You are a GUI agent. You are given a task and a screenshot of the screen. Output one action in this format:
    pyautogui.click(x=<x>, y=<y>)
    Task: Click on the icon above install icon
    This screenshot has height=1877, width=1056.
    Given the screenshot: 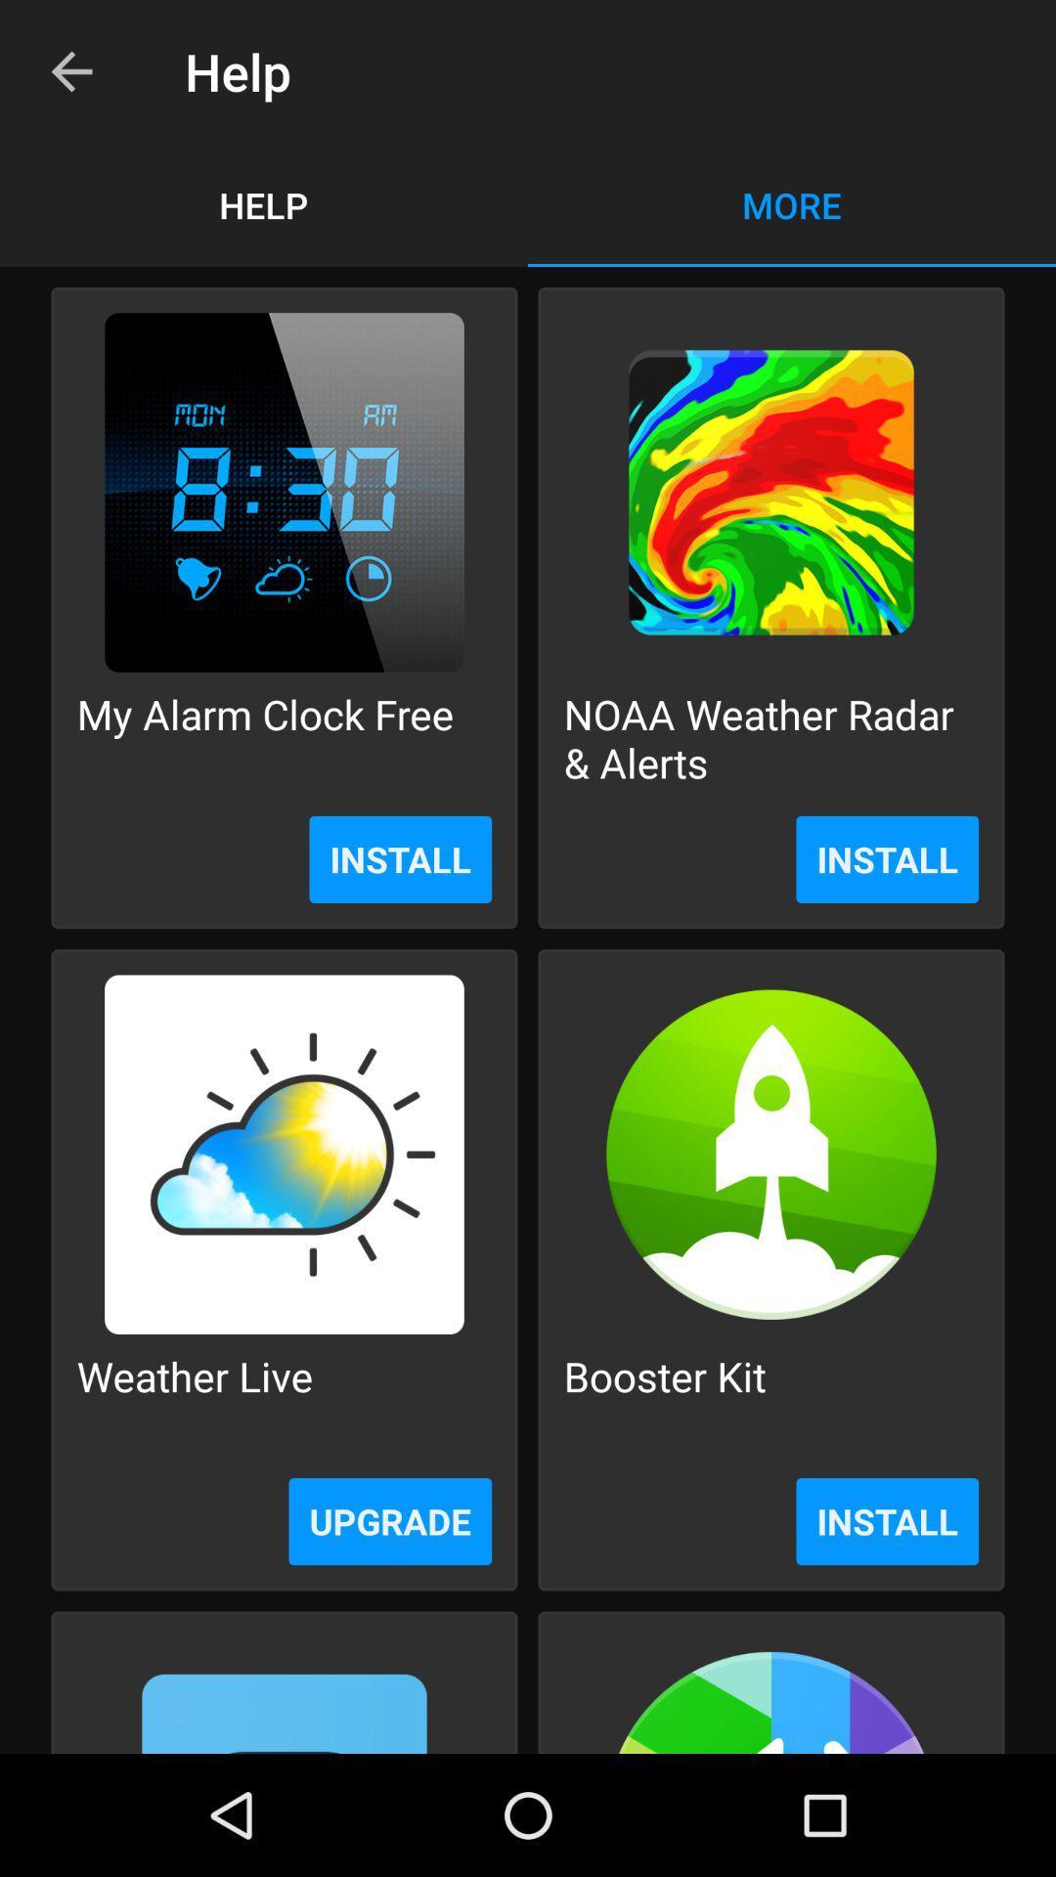 What is the action you would take?
    pyautogui.click(x=770, y=737)
    